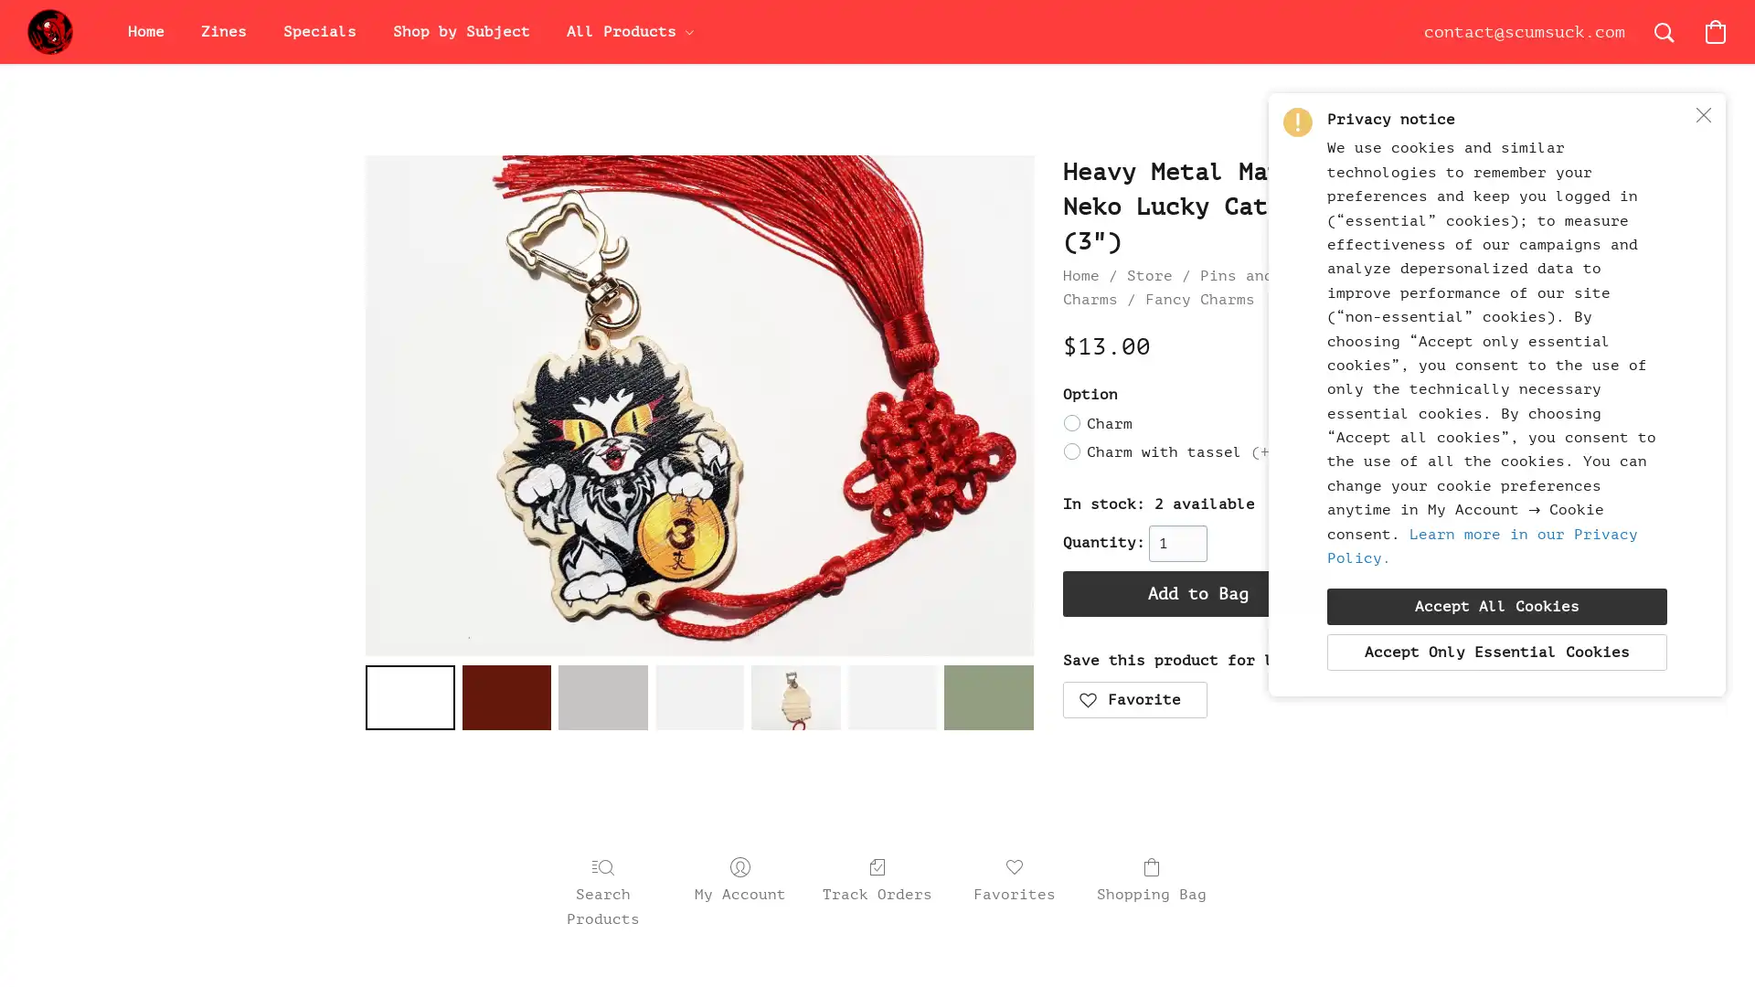 The width and height of the screenshot is (1755, 987). Describe the element at coordinates (1496, 606) in the screenshot. I see `Accept All Cookies` at that location.